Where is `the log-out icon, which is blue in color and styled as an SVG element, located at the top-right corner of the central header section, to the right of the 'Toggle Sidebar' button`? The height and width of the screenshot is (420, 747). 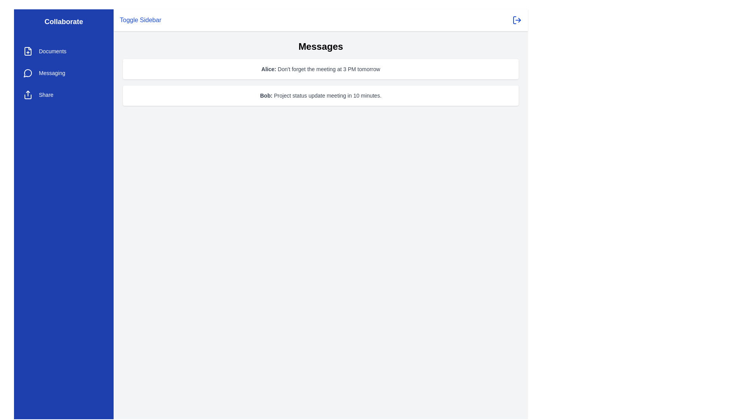 the log-out icon, which is blue in color and styled as an SVG element, located at the top-right corner of the central header section, to the right of the 'Toggle Sidebar' button is located at coordinates (517, 19).